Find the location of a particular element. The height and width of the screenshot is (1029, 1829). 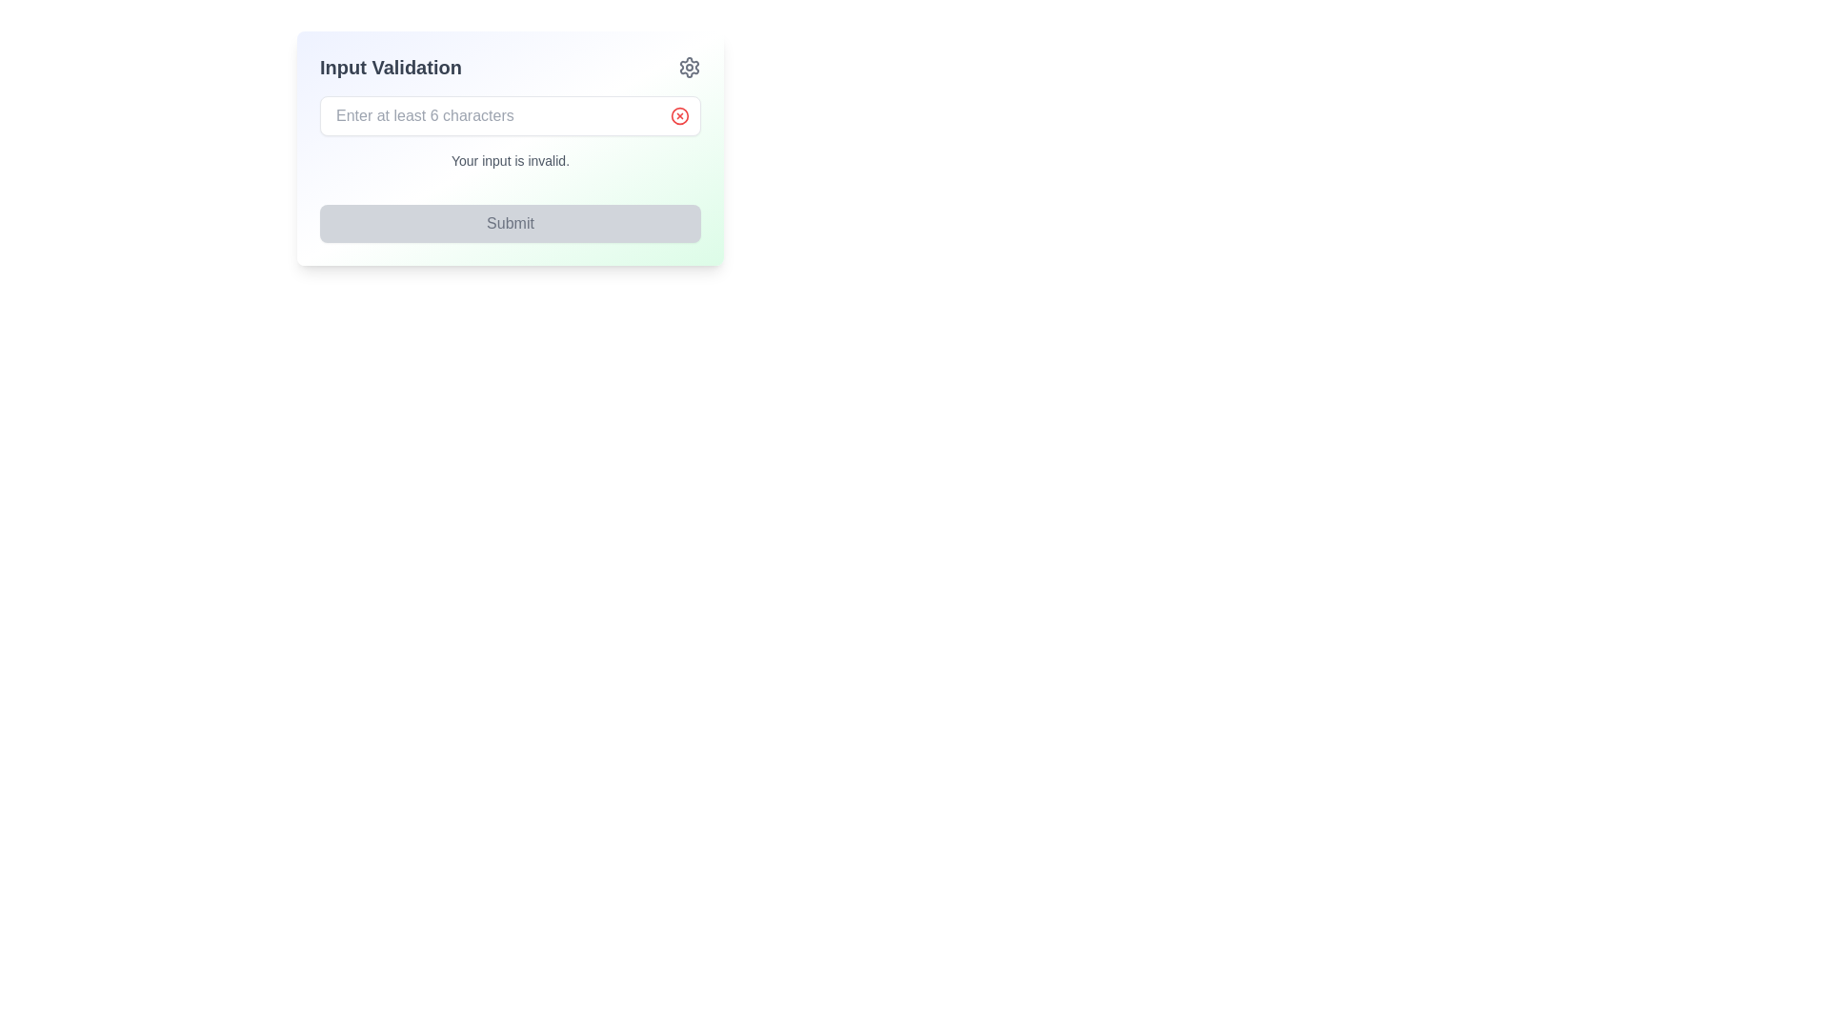

the gear icon in the top-right corner of the interface is located at coordinates (689, 66).